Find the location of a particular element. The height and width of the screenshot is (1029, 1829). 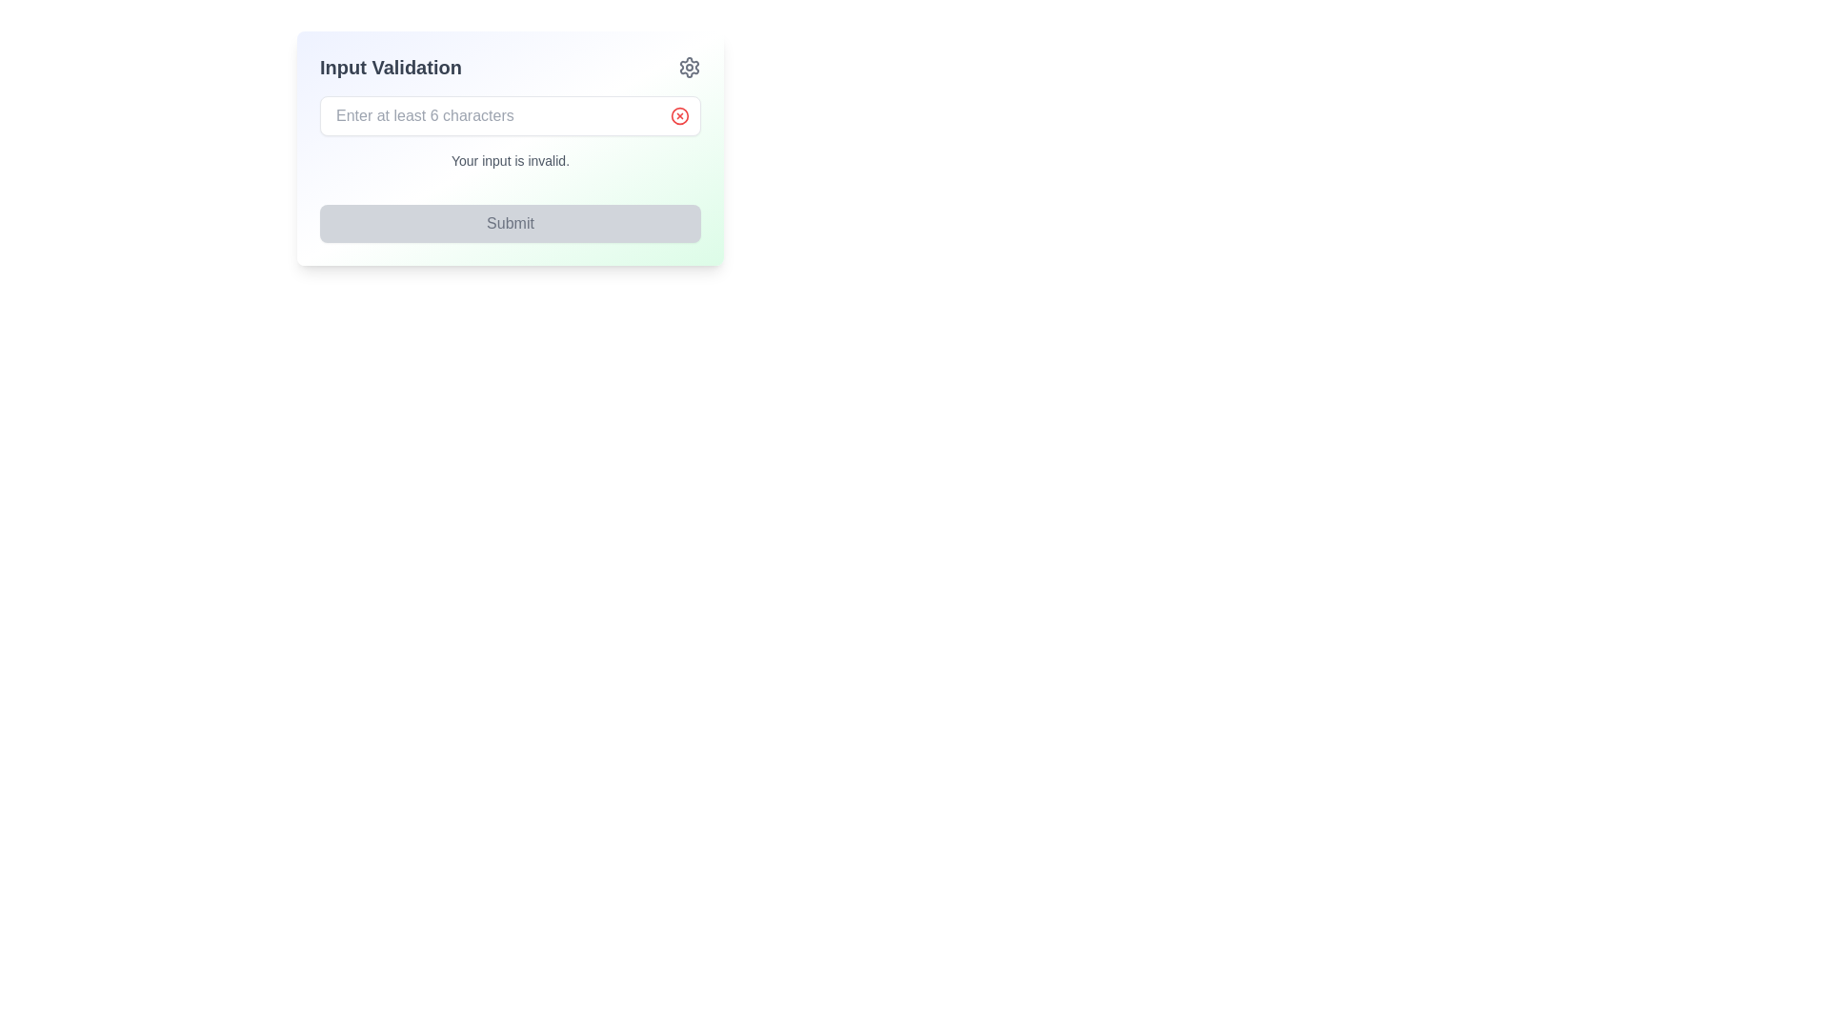

the gear icon in the top-right corner of the interface is located at coordinates (689, 66).